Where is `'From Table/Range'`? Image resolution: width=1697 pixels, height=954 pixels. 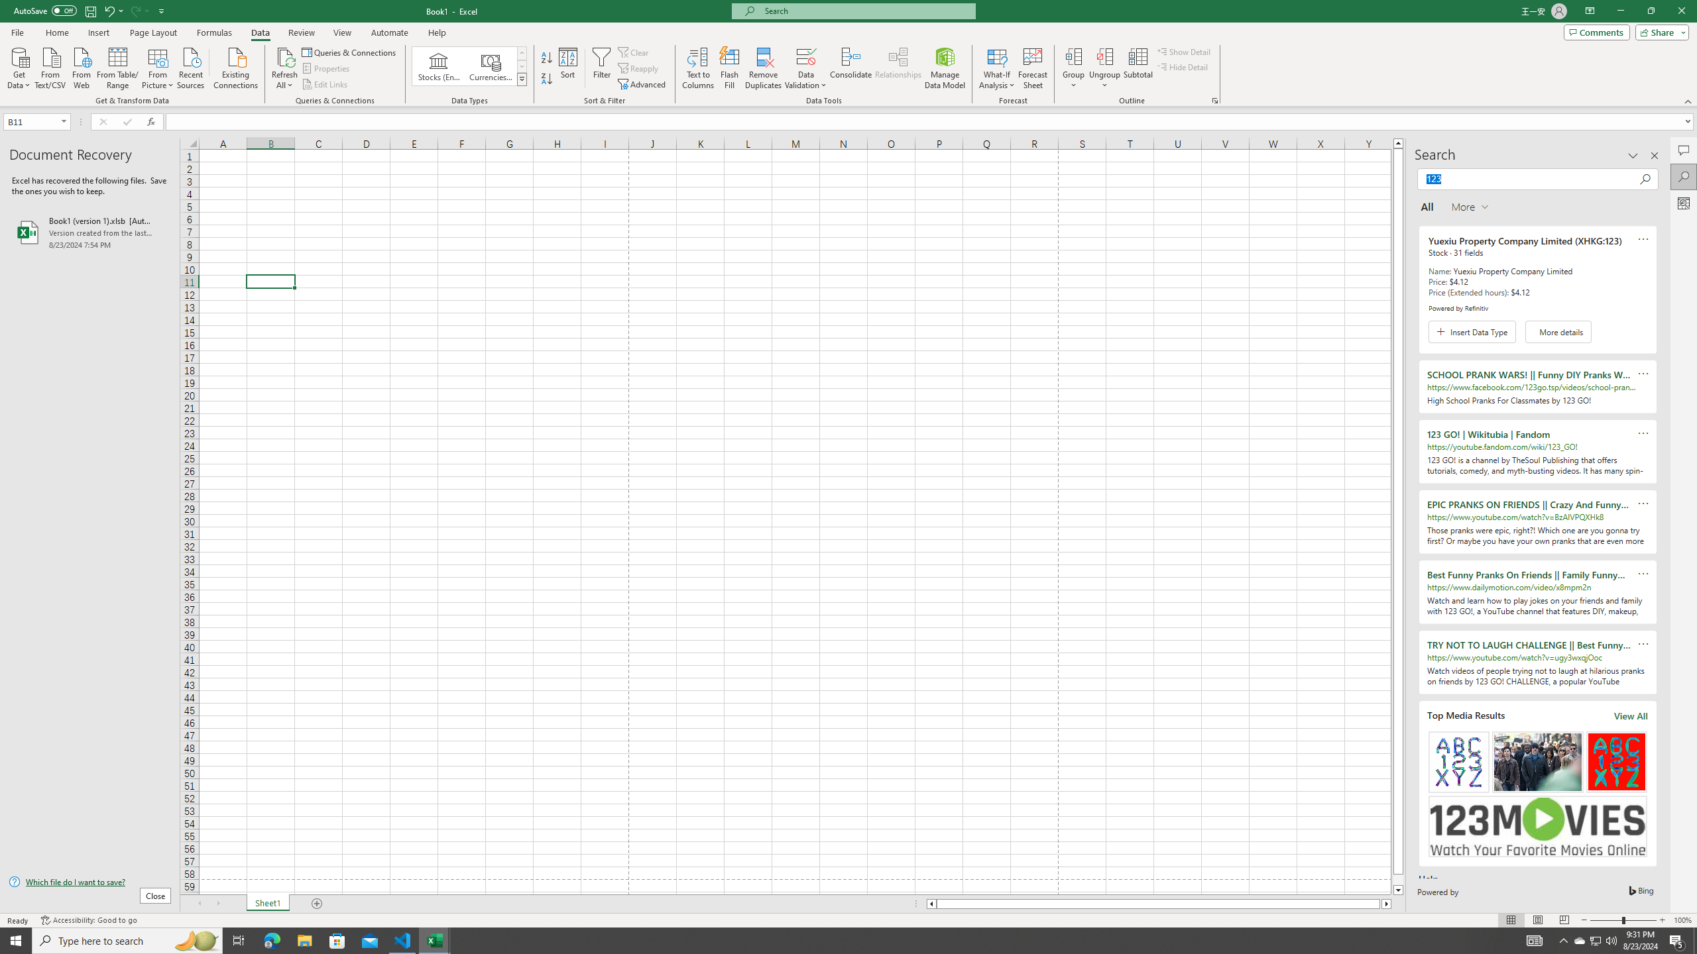
'From Table/Range' is located at coordinates (117, 66).